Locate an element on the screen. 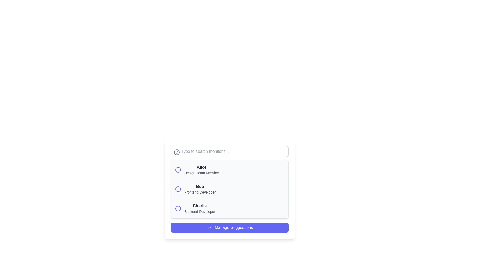  the smiley icon, which is a gray line art styled icon located at the top-left corner of a mention search input field is located at coordinates (177, 152).